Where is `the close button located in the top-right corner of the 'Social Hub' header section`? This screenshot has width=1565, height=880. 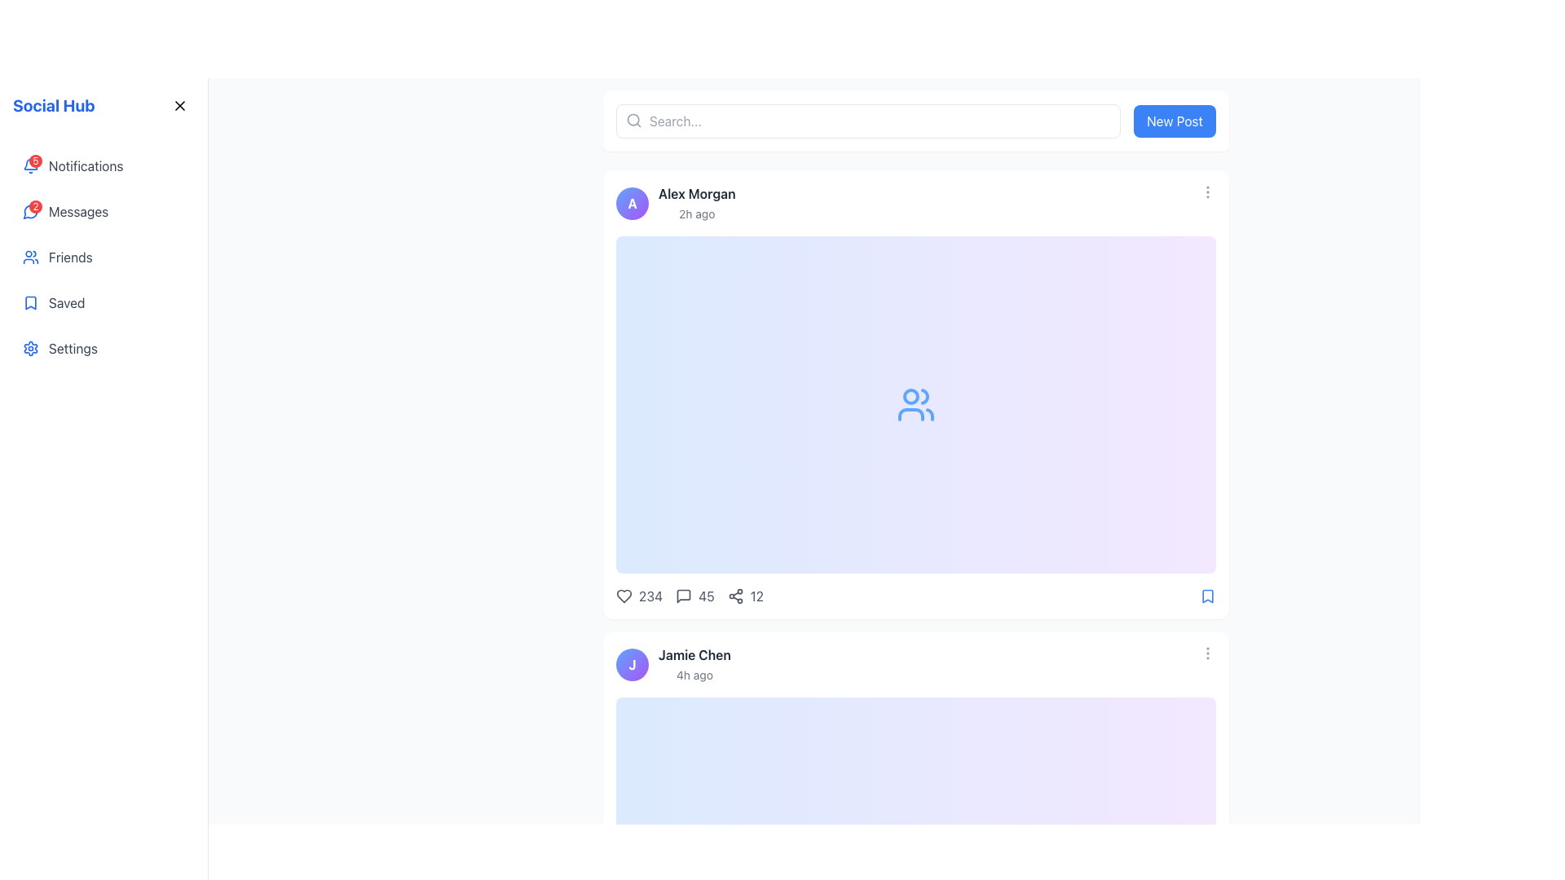 the close button located in the top-right corner of the 'Social Hub' header section is located at coordinates (179, 106).